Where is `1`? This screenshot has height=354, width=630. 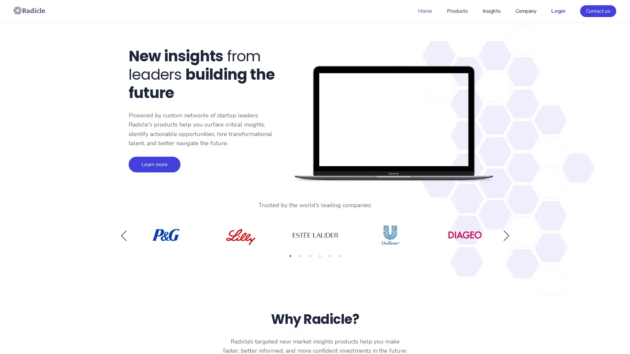
1 is located at coordinates (290, 257).